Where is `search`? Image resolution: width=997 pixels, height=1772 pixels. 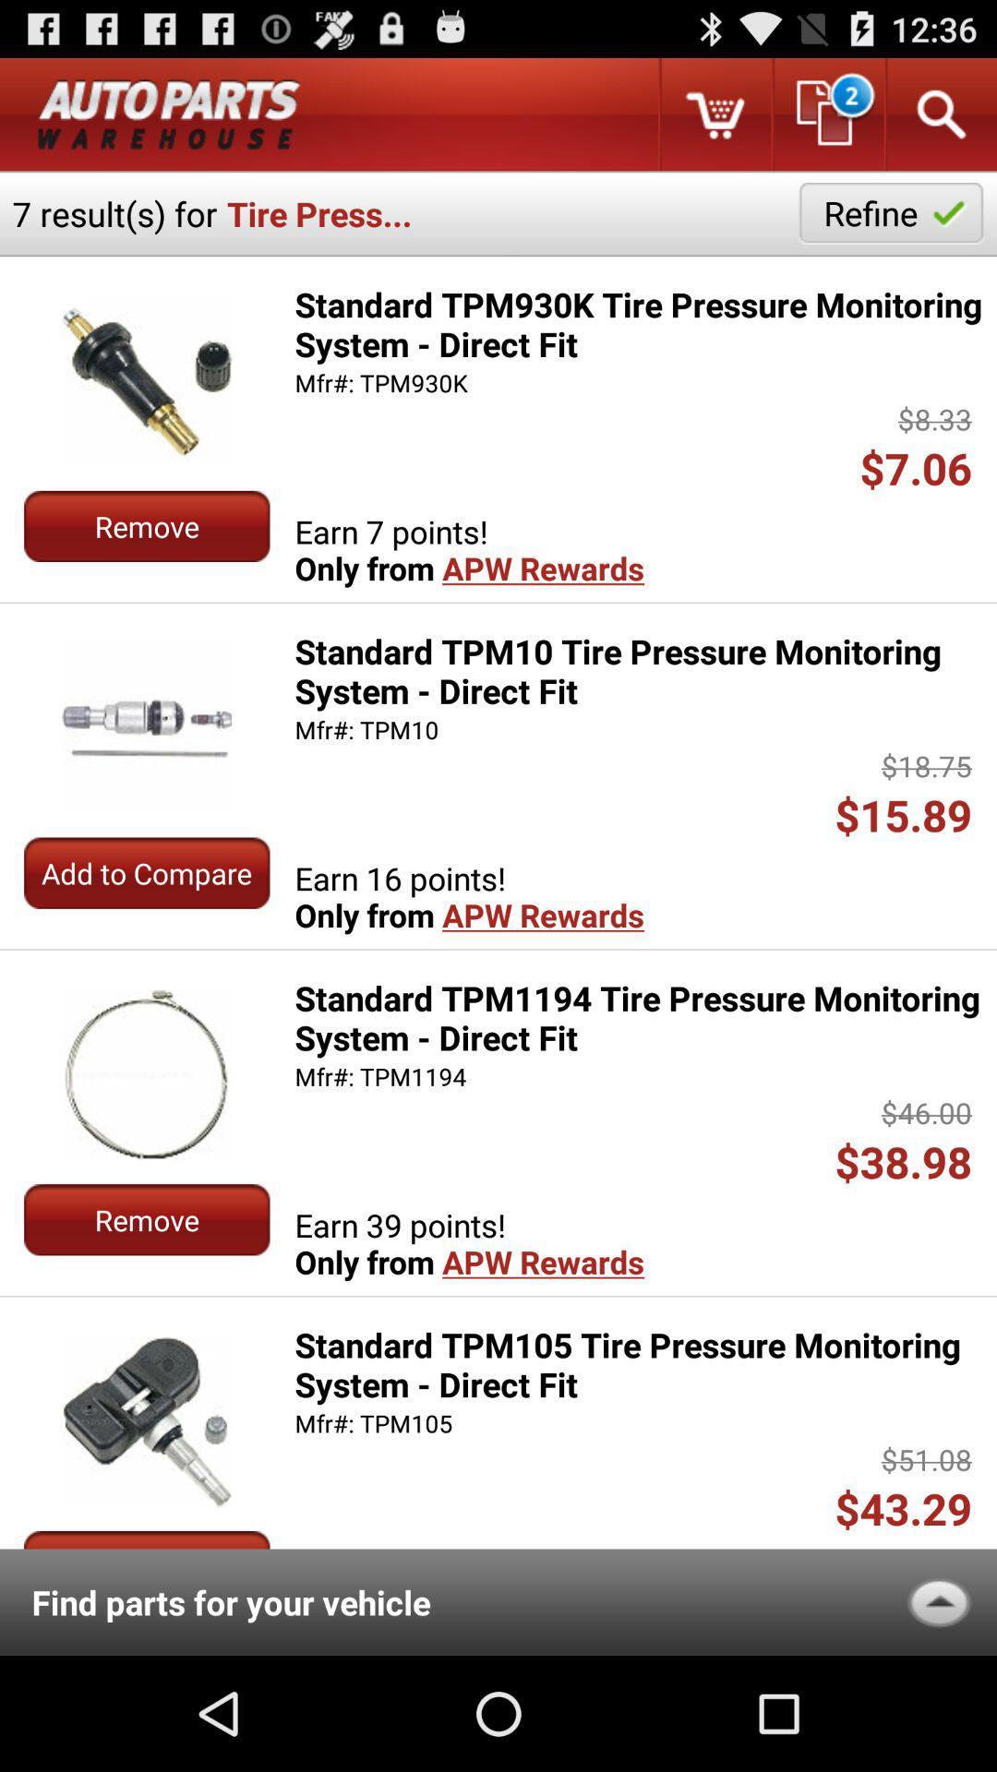 search is located at coordinates (940, 114).